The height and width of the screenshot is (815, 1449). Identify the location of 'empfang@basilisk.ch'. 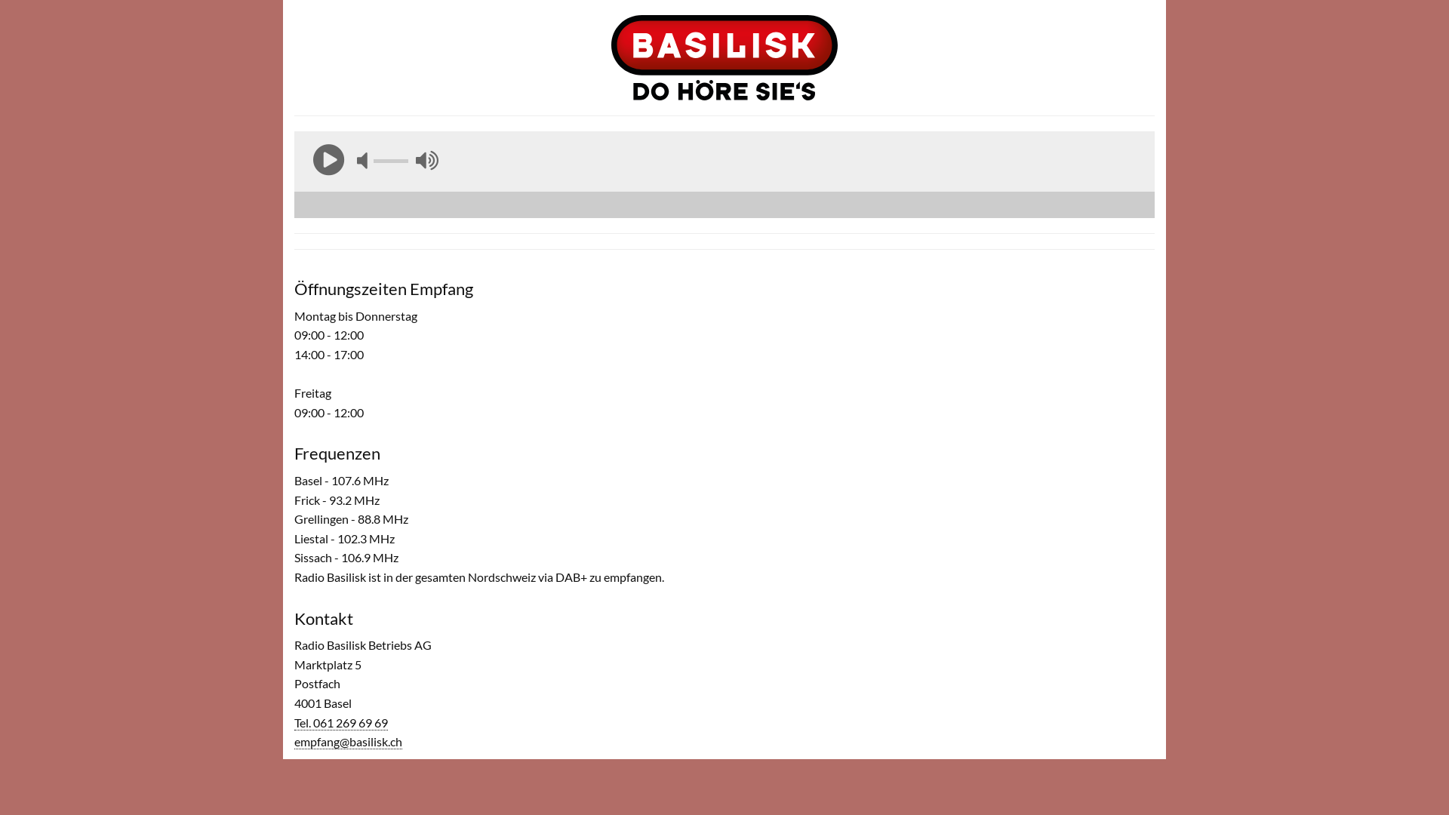
(347, 741).